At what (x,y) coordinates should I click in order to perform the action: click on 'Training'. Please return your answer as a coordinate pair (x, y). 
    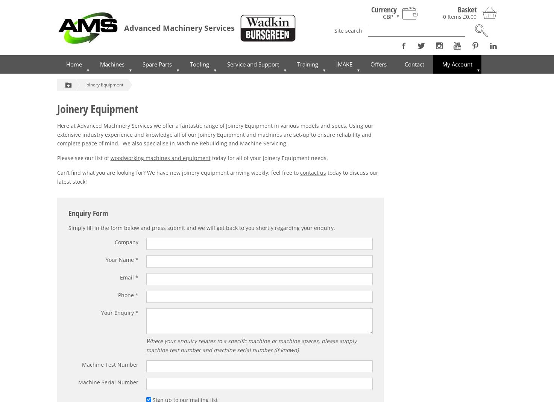
    Looking at the image, I should click on (307, 64).